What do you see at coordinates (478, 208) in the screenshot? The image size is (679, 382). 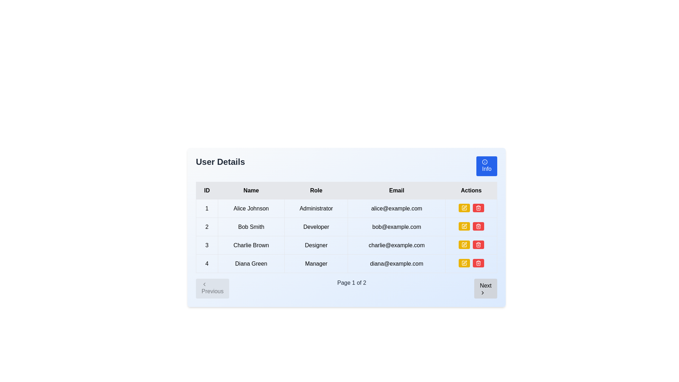 I see `the trash bin icon located in the 'Actions' column of the user details table in the fourth row associated with 'Diana Green'` at bounding box center [478, 208].